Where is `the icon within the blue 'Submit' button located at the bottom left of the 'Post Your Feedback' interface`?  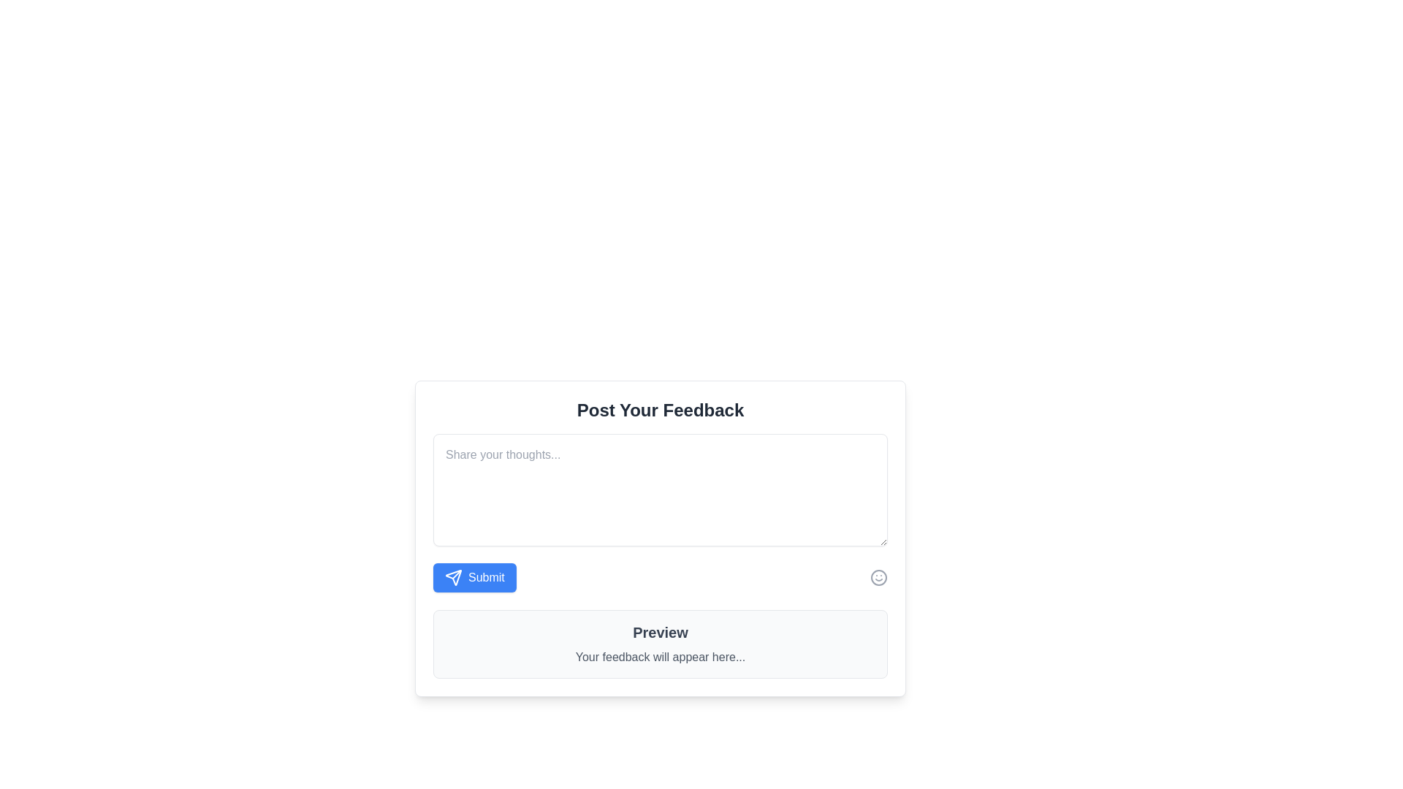 the icon within the blue 'Submit' button located at the bottom left of the 'Post Your Feedback' interface is located at coordinates (452, 576).